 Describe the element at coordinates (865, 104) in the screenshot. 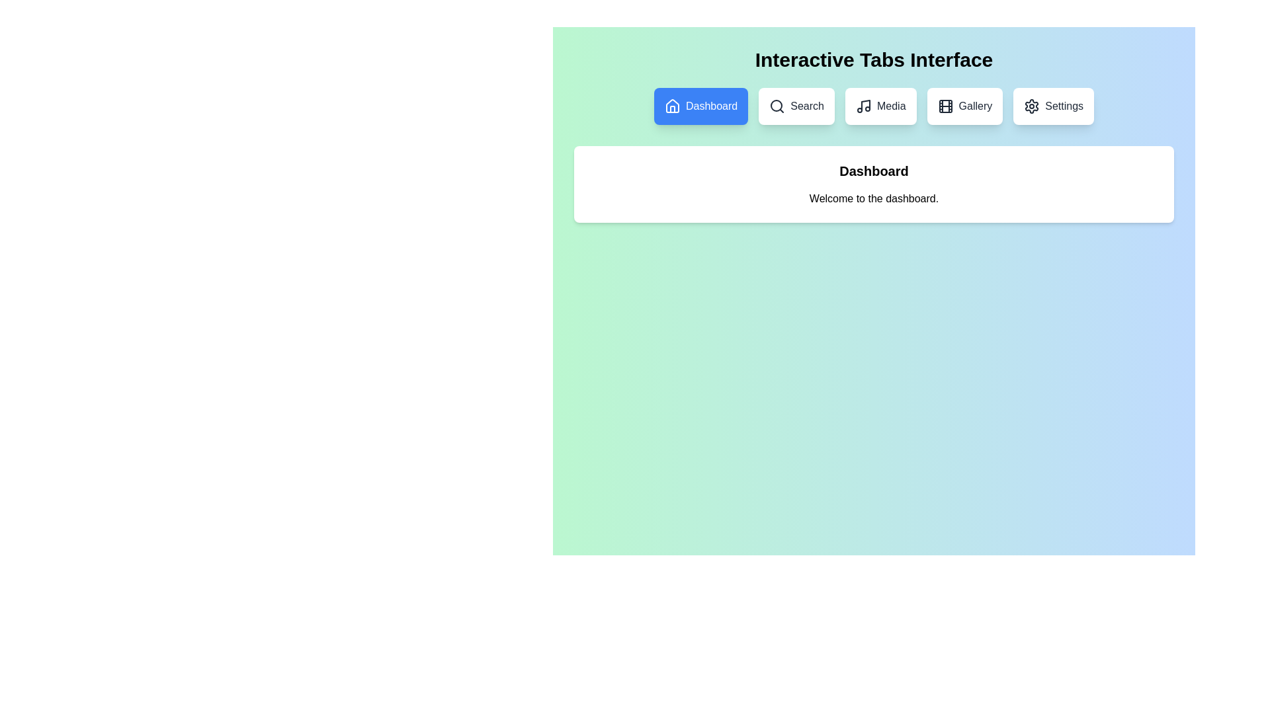

I see `the vertical line resembling the neck of a note within the SVG illustration of the 'Media' button in the top navigation bar` at that location.